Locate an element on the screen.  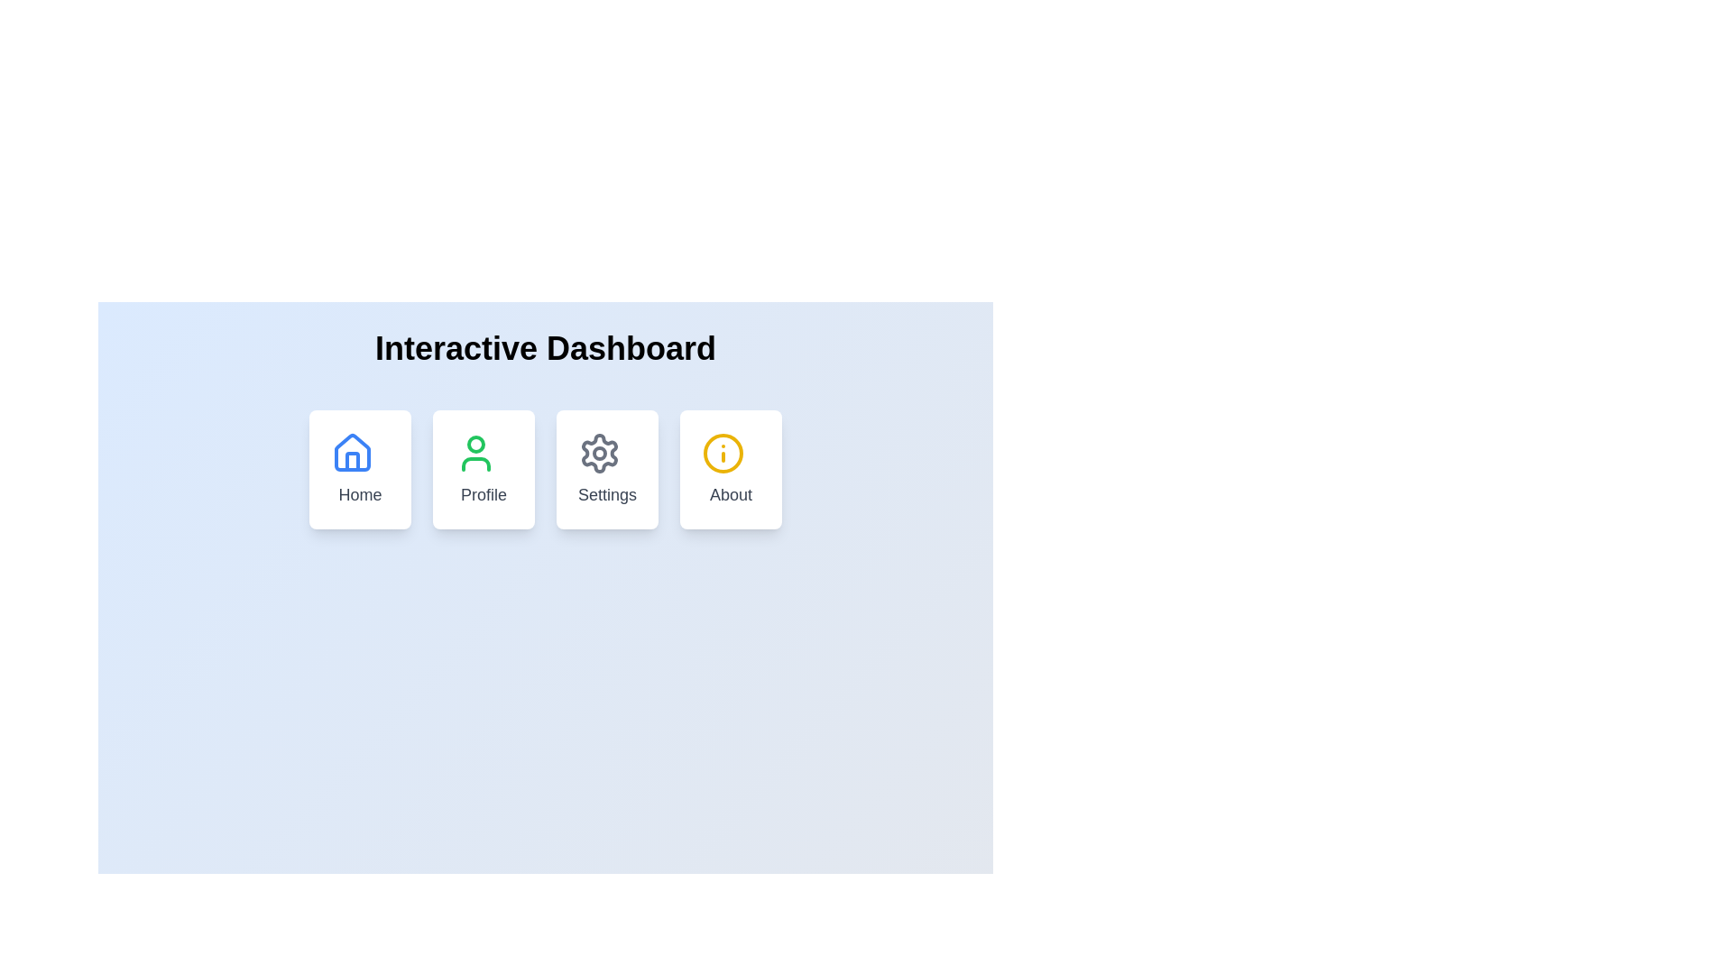
the circular glyph within the 'Profile' icon, which is part of the main navigation on the dashboard, appearing as a filled circle with a green outline is located at coordinates (476, 445).